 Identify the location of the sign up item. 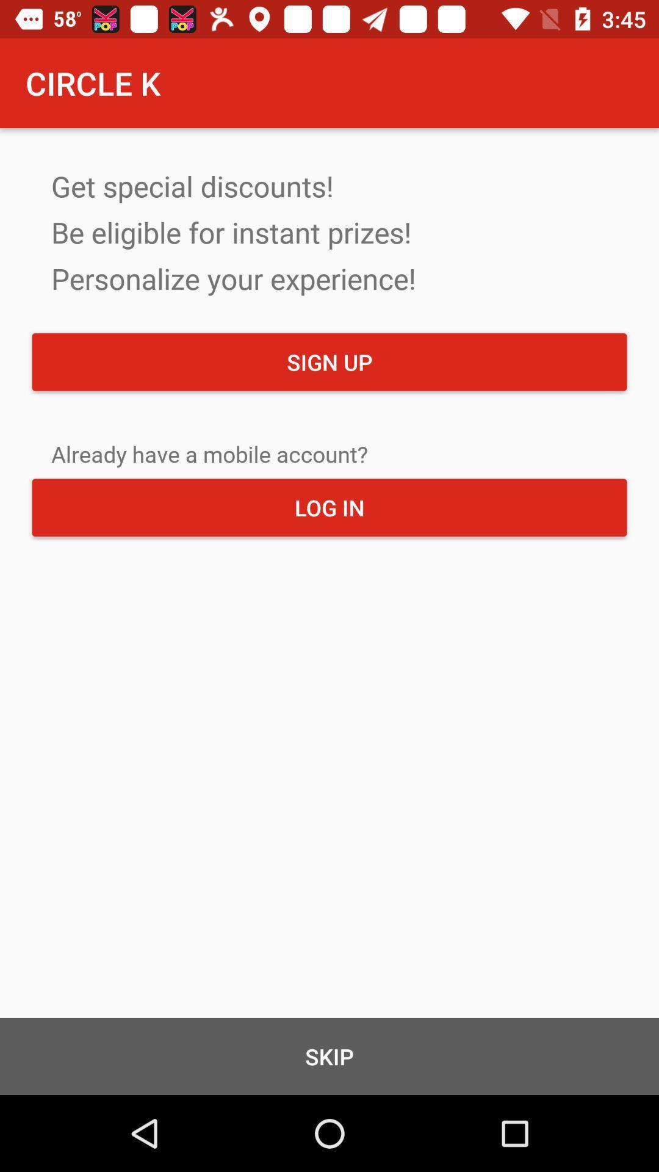
(329, 361).